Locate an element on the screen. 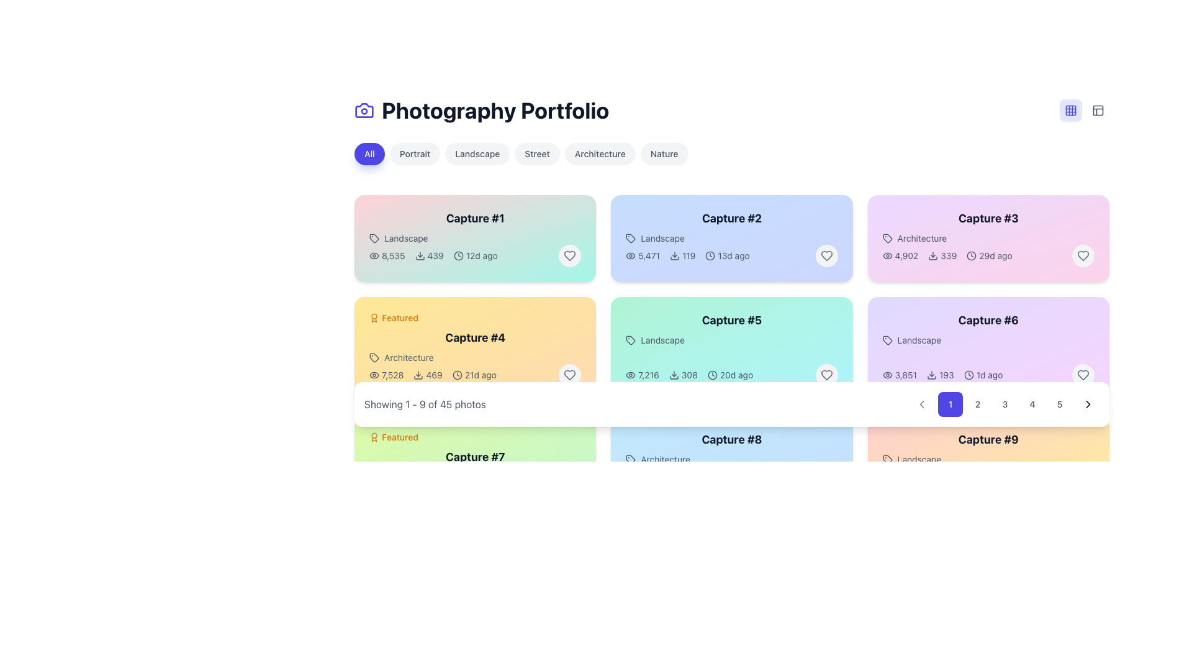  the toggle button (grid view icon) located in the top-right corner of the interface is located at coordinates (1070, 109).